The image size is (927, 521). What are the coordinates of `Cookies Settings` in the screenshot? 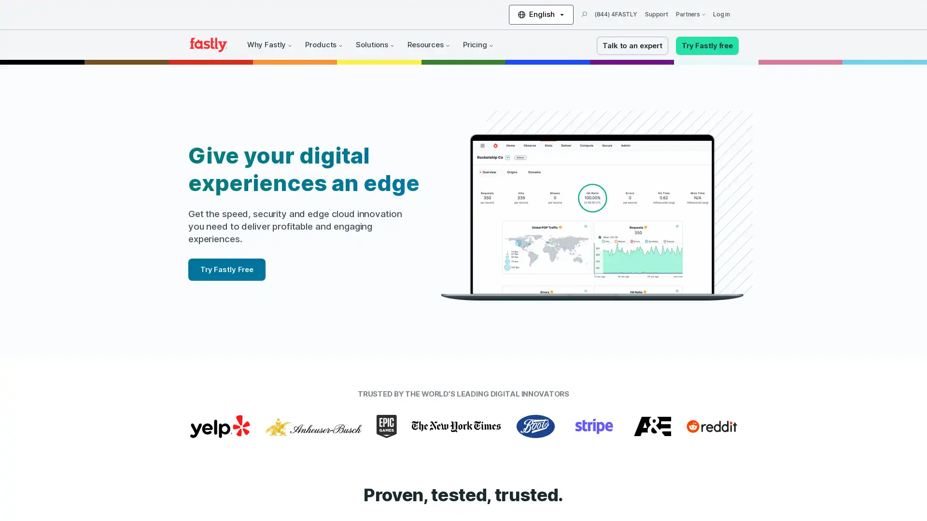 It's located at (98, 484).